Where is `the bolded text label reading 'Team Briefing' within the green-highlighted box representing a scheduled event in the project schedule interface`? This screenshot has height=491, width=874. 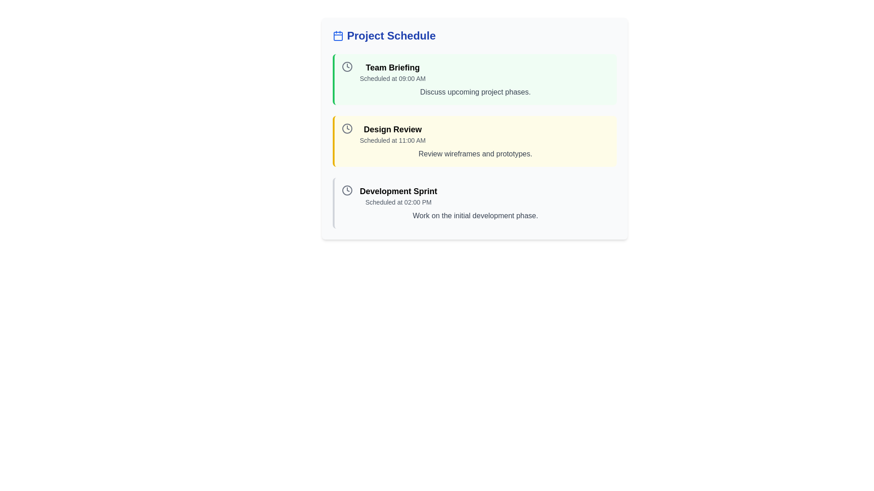 the bolded text label reading 'Team Briefing' within the green-highlighted box representing a scheduled event in the project schedule interface is located at coordinates (392, 67).